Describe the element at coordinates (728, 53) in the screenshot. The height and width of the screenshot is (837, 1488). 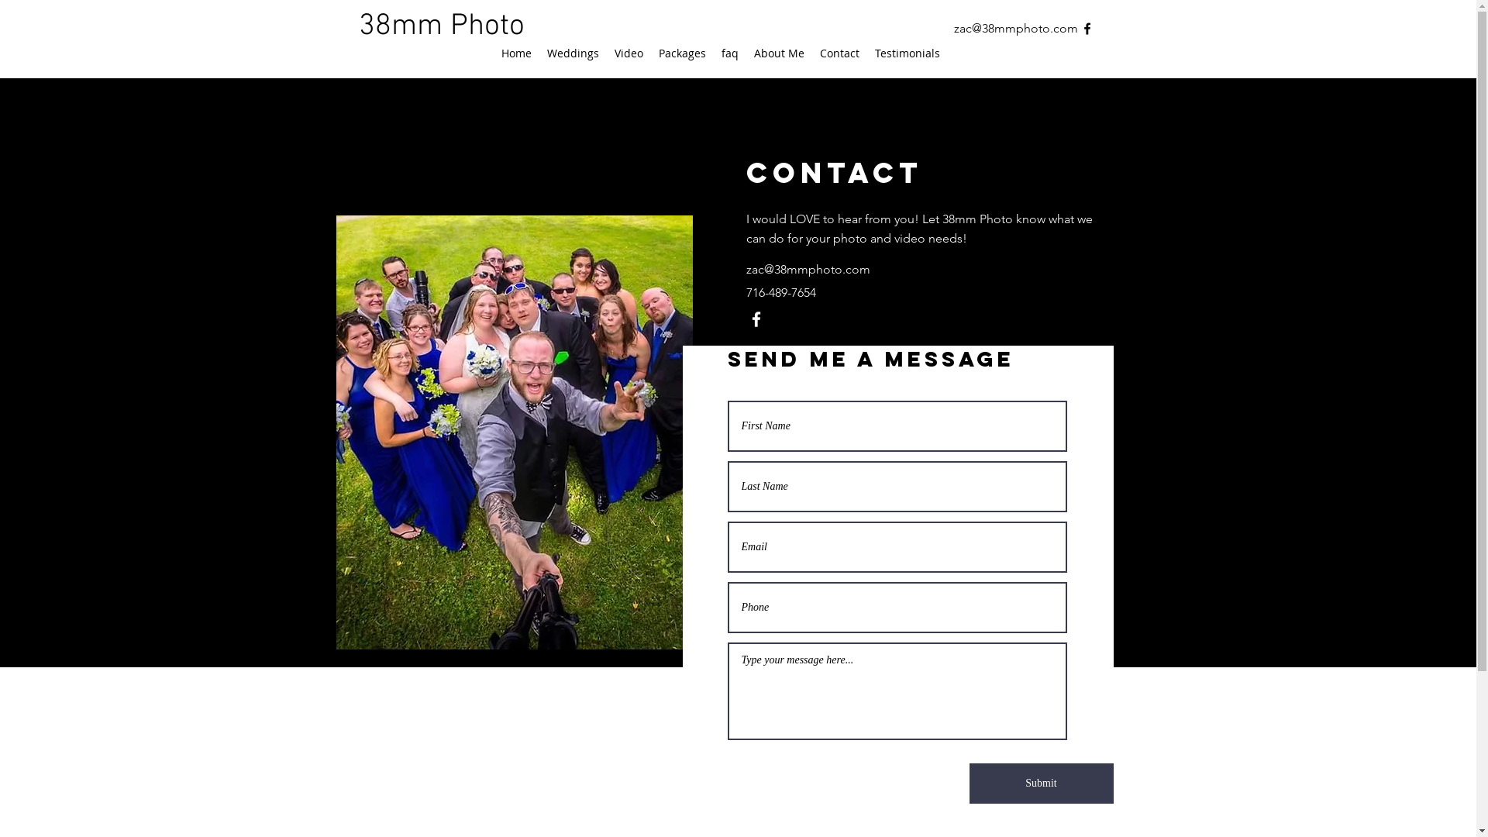
I see `'faq'` at that location.